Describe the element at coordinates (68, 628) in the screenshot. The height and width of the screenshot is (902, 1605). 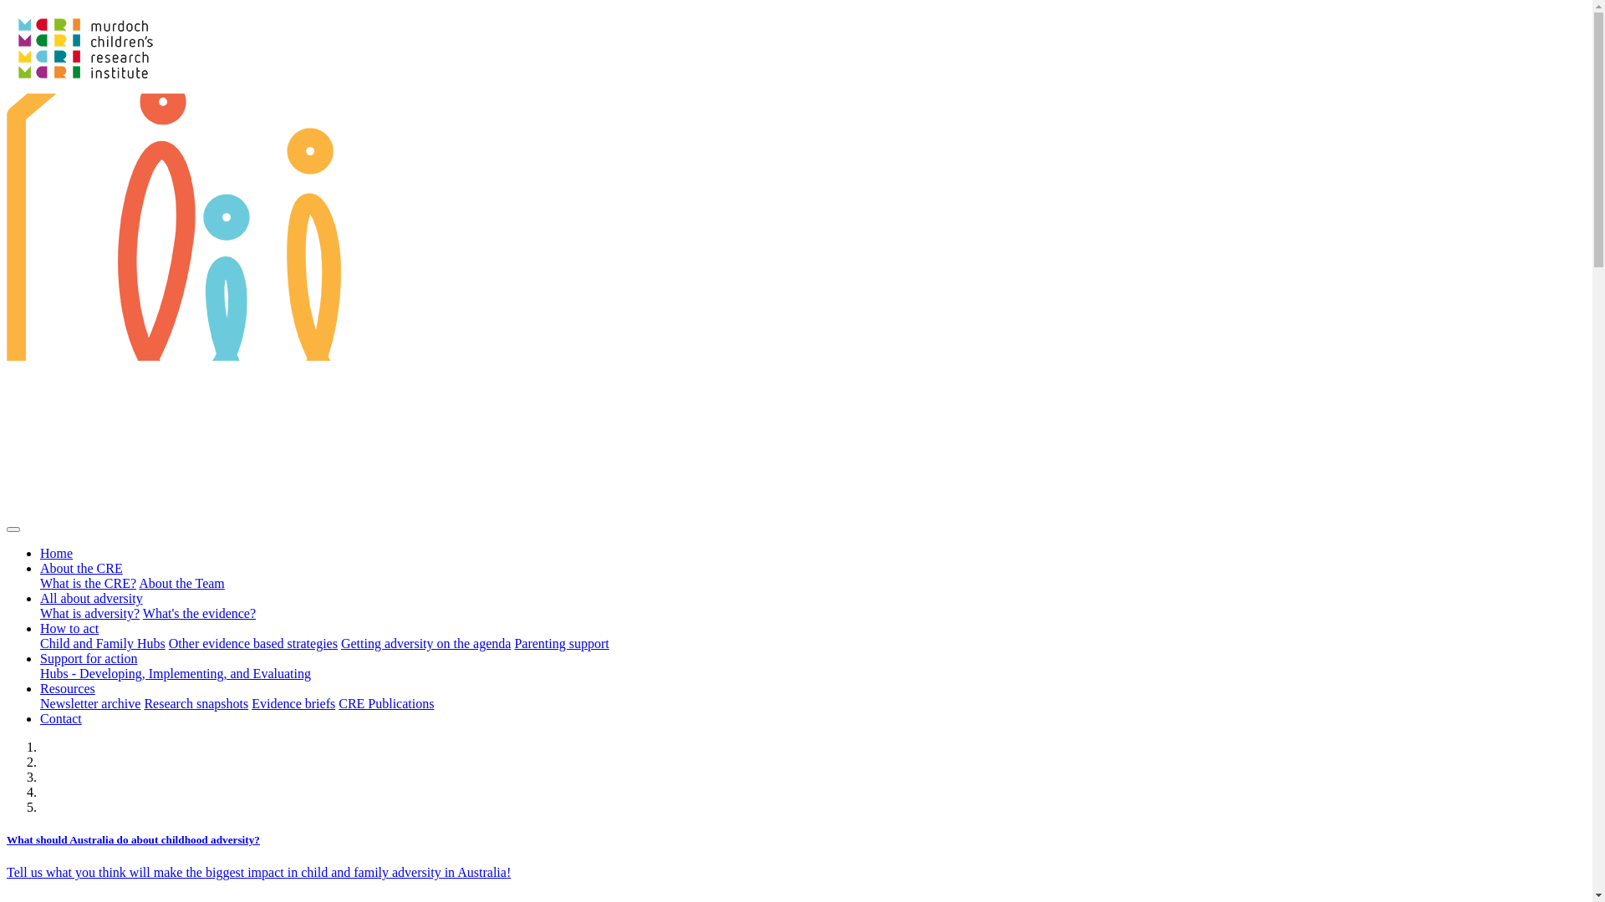
I see `'How to act'` at that location.